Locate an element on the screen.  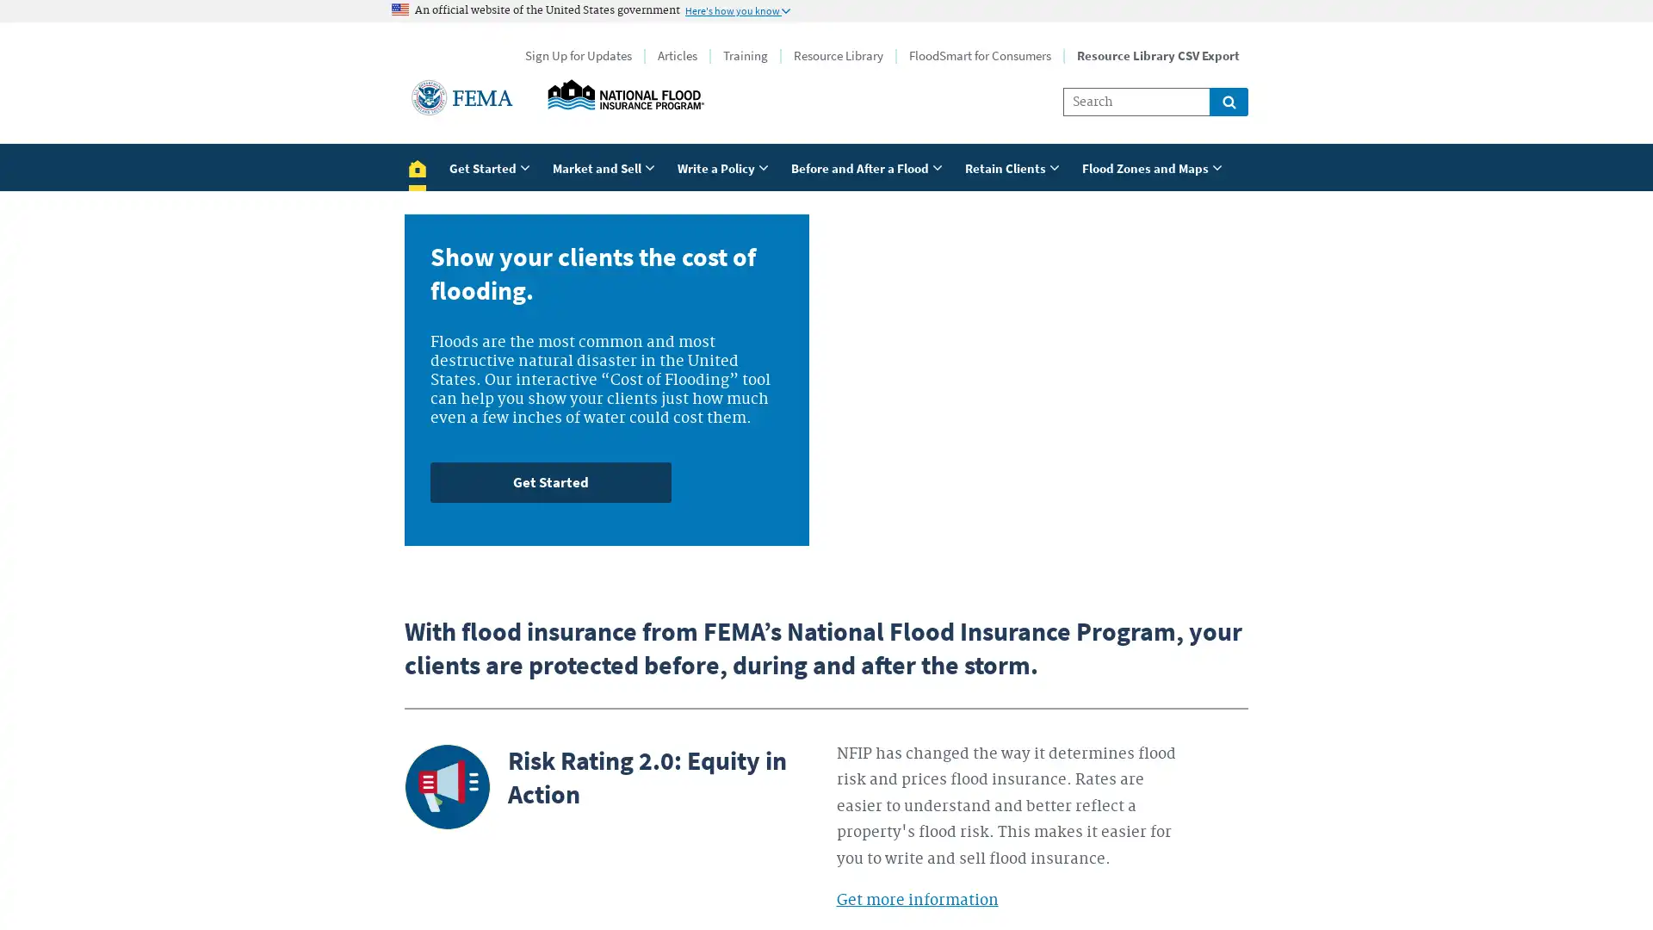
Global search for site links and content throught floodsmart is located at coordinates (1228, 102).